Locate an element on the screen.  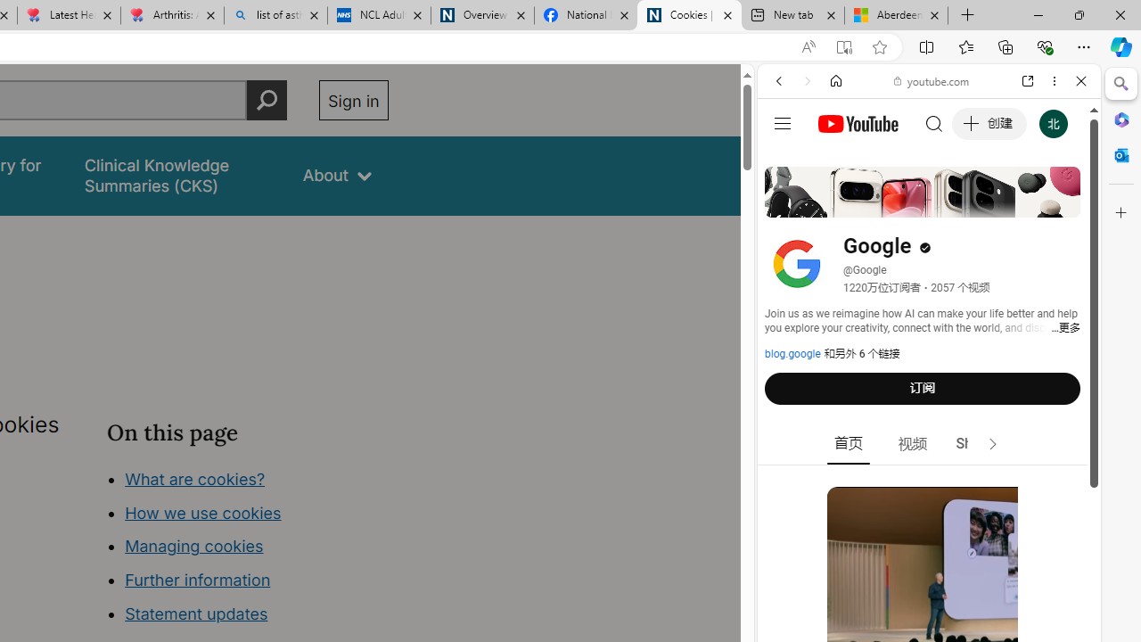
'false' is located at coordinates (177, 176).